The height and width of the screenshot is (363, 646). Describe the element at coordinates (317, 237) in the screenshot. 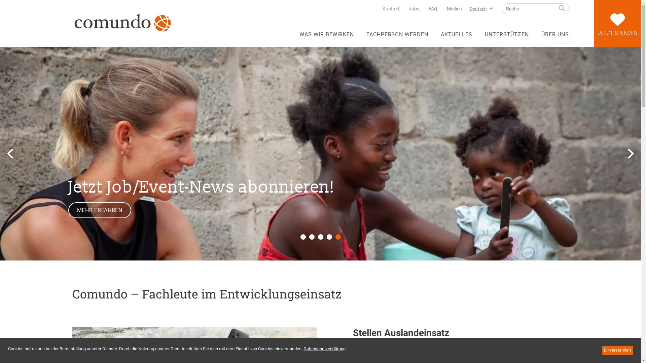

I see `'3'` at that location.